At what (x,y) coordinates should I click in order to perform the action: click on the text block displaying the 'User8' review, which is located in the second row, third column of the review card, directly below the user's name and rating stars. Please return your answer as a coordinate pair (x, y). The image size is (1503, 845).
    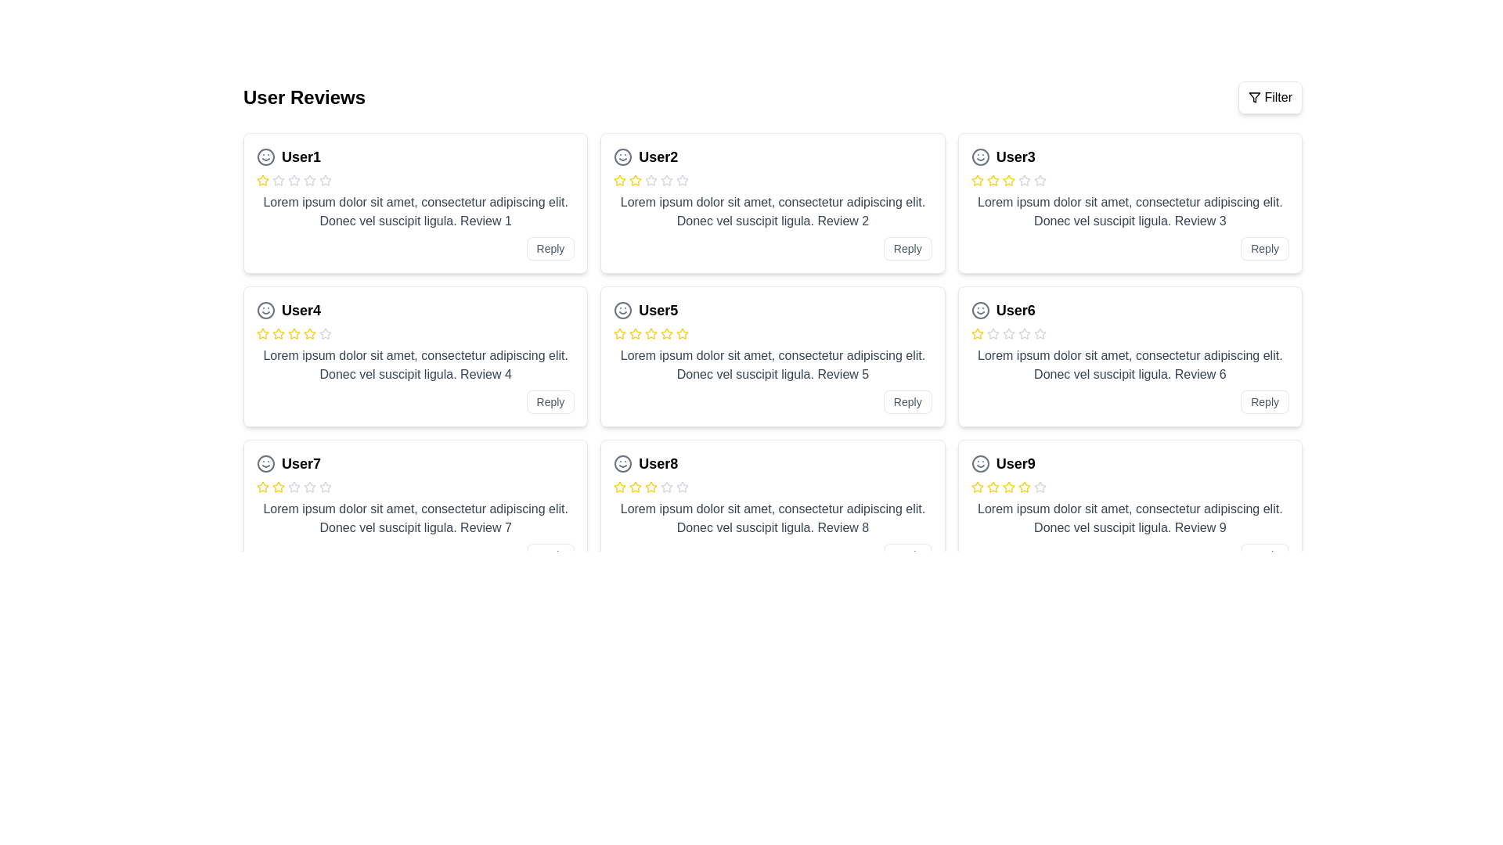
    Looking at the image, I should click on (773, 519).